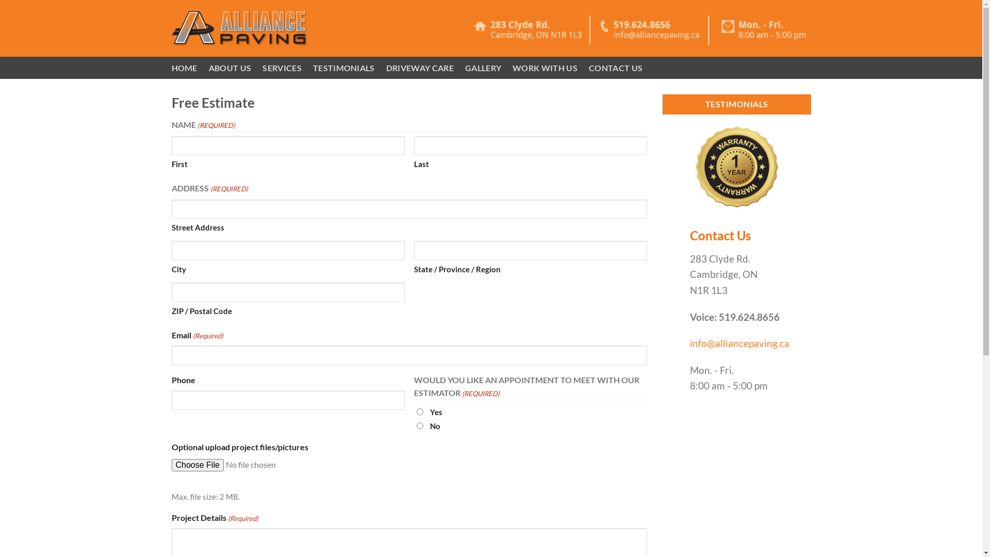  What do you see at coordinates (512, 68) in the screenshot?
I see `'WORK WITH US'` at bounding box center [512, 68].